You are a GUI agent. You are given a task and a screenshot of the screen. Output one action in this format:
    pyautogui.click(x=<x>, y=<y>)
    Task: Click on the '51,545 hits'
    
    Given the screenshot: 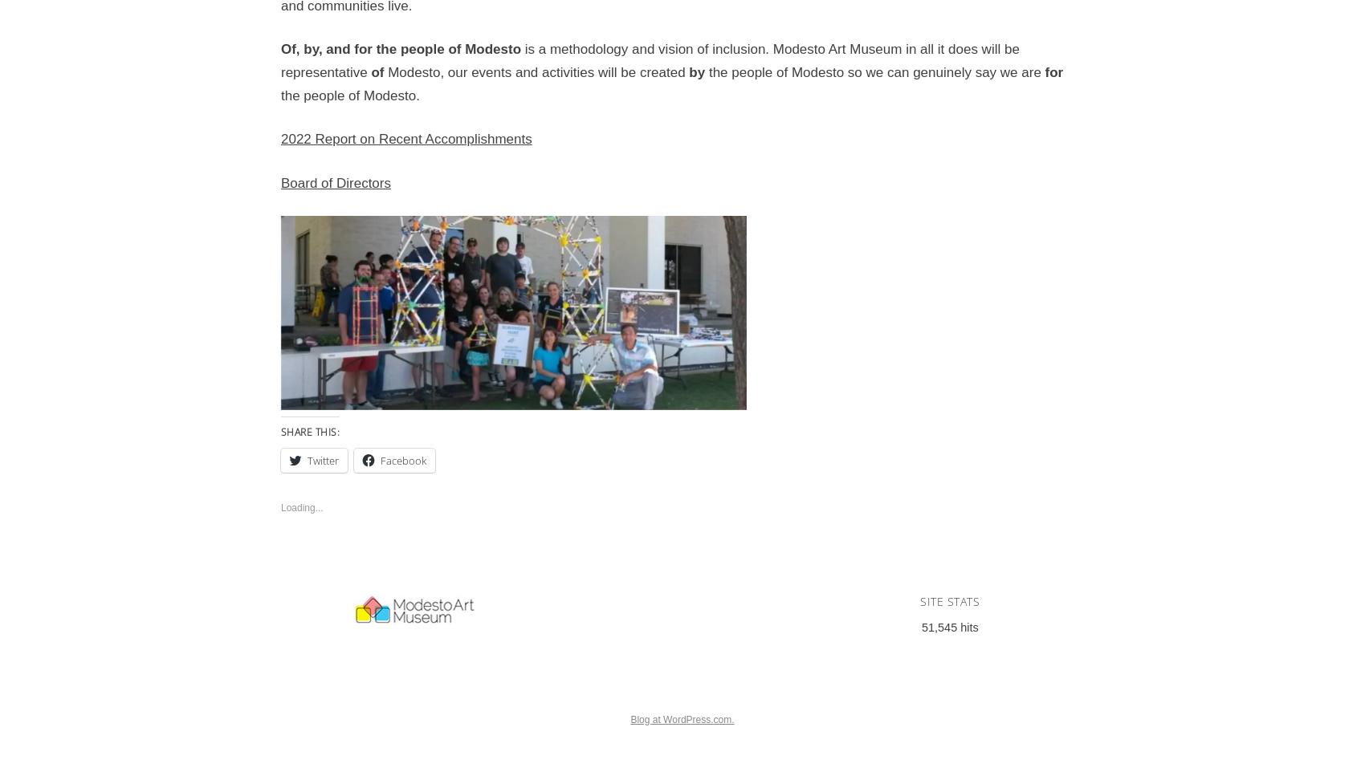 What is the action you would take?
    pyautogui.click(x=922, y=626)
    